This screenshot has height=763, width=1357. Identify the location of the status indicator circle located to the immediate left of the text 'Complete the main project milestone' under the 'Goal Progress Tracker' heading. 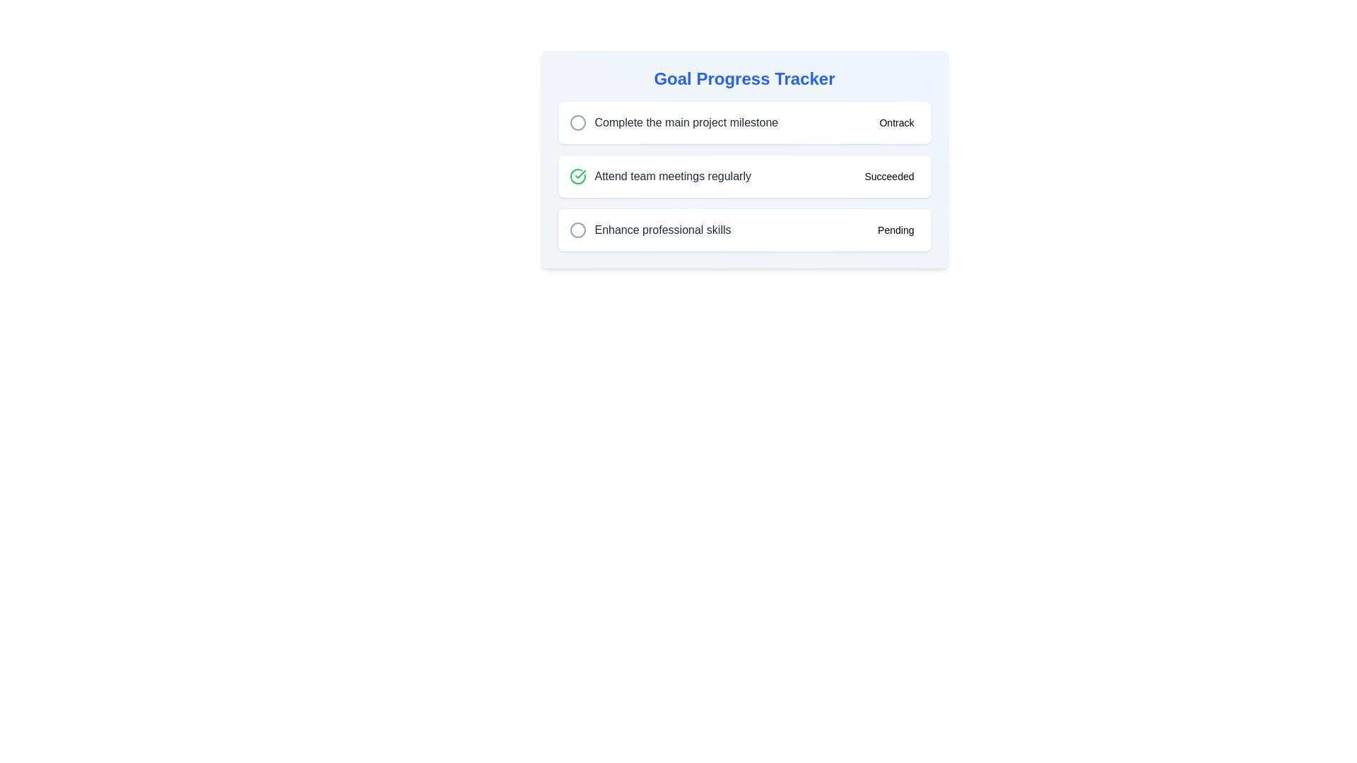
(577, 122).